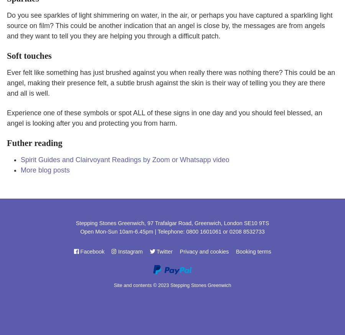 This screenshot has width=345, height=335. I want to click on 'Privacy and cookies', so click(204, 251).